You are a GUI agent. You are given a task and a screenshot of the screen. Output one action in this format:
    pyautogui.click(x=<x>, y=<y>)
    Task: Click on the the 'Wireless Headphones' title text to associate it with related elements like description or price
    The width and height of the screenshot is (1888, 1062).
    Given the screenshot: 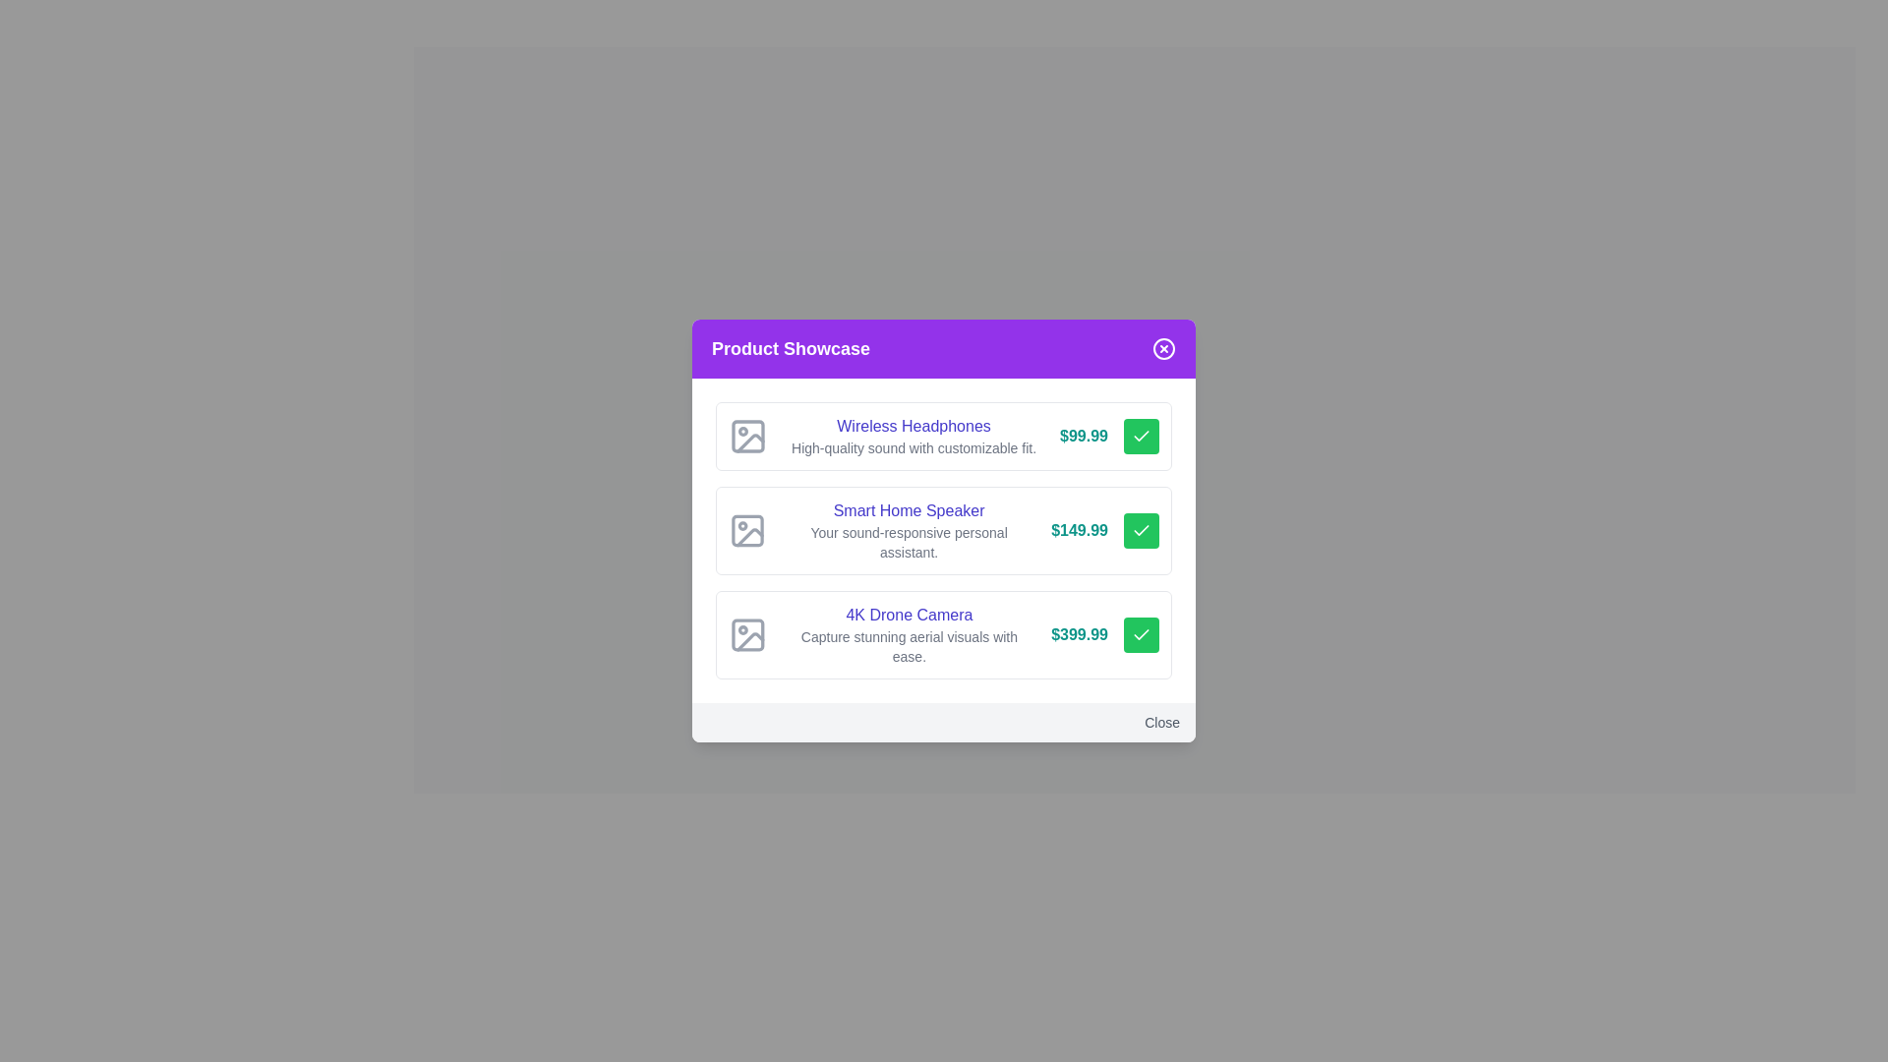 What is the action you would take?
    pyautogui.click(x=913, y=426)
    